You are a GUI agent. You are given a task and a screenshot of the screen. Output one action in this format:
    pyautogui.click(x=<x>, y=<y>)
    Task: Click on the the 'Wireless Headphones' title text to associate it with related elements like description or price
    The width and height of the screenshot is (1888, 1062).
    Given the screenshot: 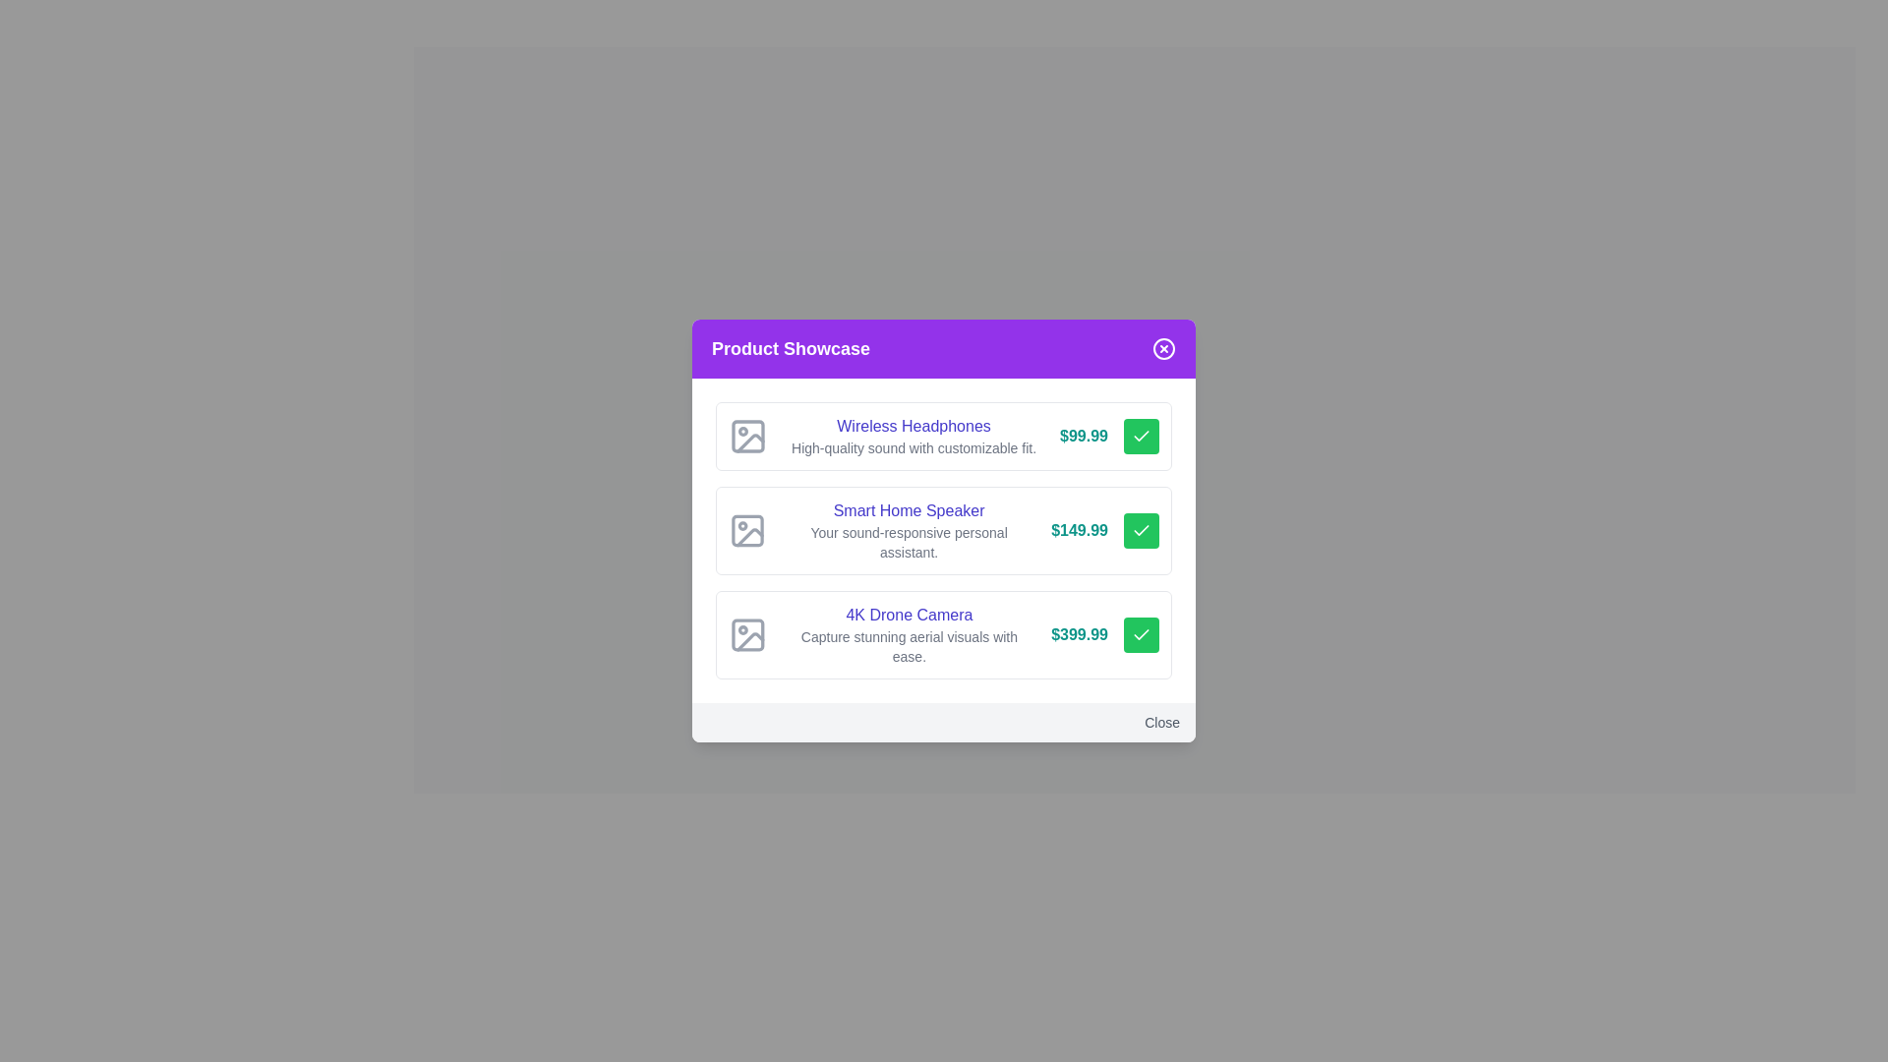 What is the action you would take?
    pyautogui.click(x=913, y=426)
    